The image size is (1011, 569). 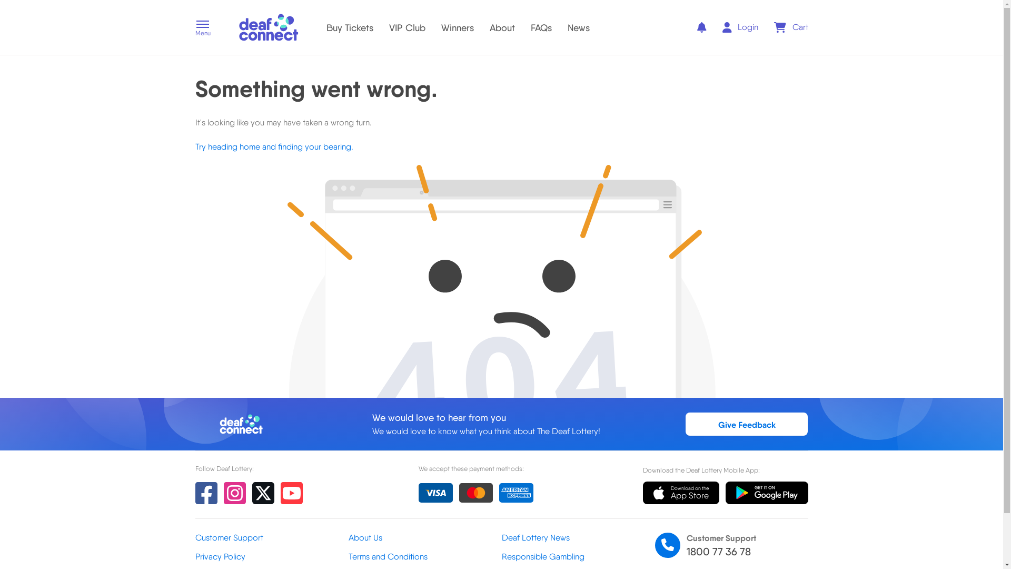 I want to click on 'News', so click(x=578, y=26).